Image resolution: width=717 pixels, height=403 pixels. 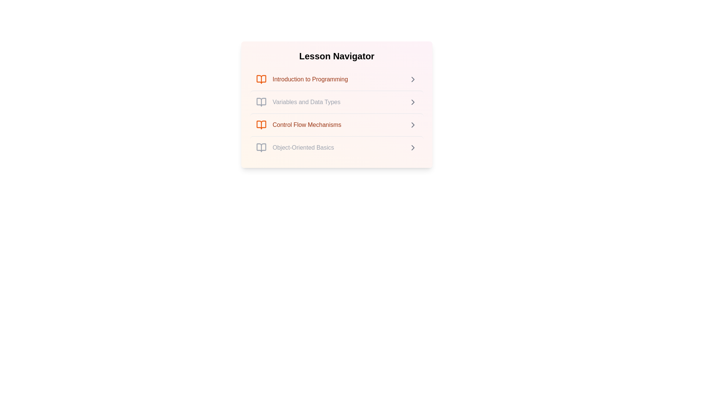 What do you see at coordinates (261, 125) in the screenshot?
I see `the icon representing the lesson titled 'Control Flow Mechanisms'` at bounding box center [261, 125].